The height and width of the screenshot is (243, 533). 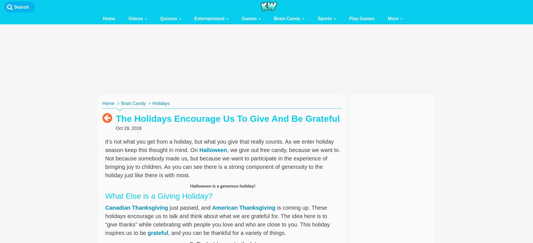 I want to click on 'Entertainment', so click(x=194, y=18).